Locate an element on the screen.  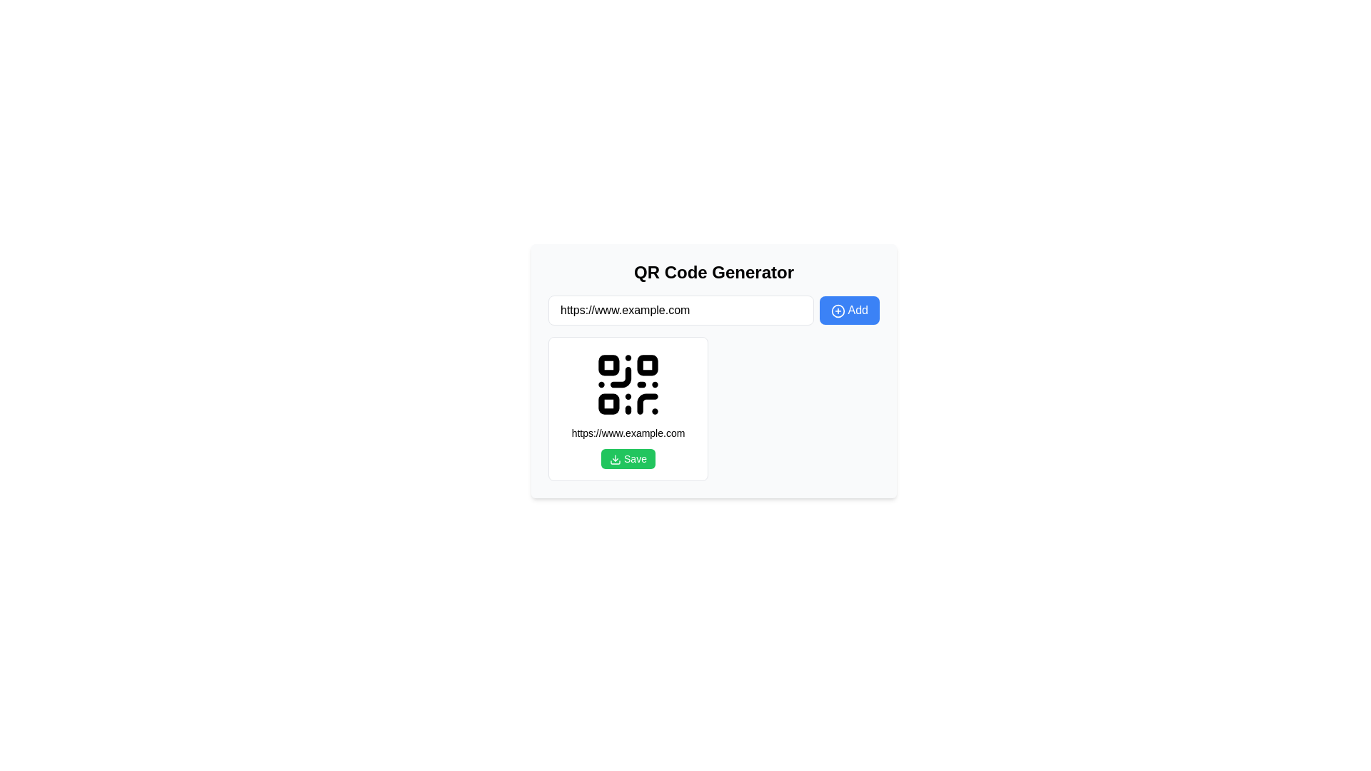
the centered text displaying the URL 'https://www.example.com' which is located below the QR code image and above the 'Save' button to trigger potential hover effects is located at coordinates (628, 432).